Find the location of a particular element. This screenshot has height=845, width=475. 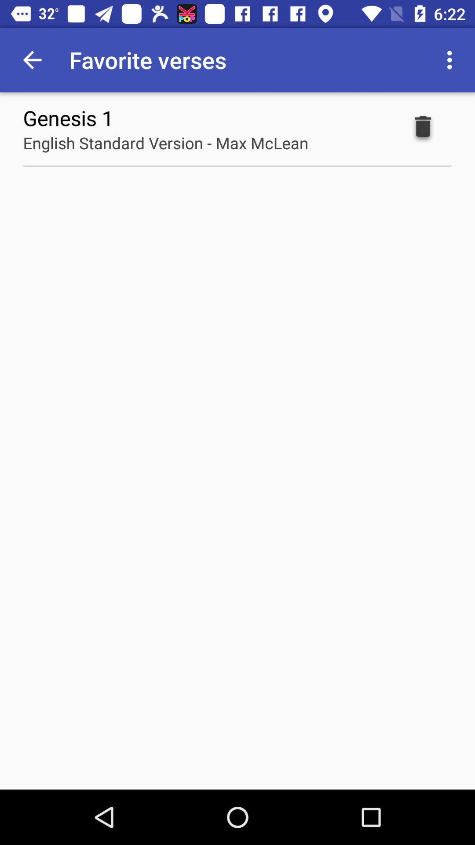

the icon to the right of english standard version icon is located at coordinates (422, 128).